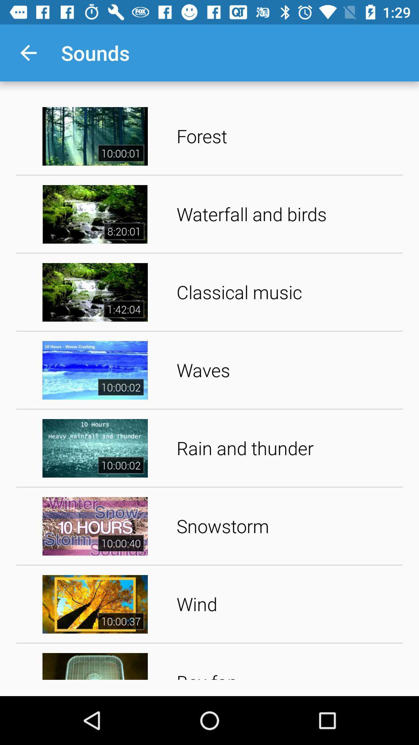 Image resolution: width=419 pixels, height=745 pixels. I want to click on video left to wind, so click(95, 604).